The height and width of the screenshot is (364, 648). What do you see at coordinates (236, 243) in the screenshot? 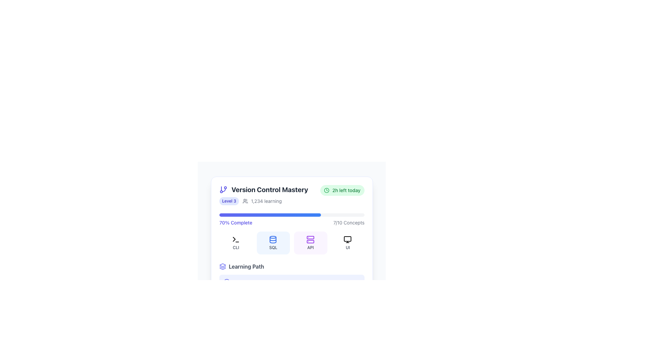
I see `the Category label with icon representing CLI in the top-left corner of the grid below the 'Version Control Mastery' header` at bounding box center [236, 243].